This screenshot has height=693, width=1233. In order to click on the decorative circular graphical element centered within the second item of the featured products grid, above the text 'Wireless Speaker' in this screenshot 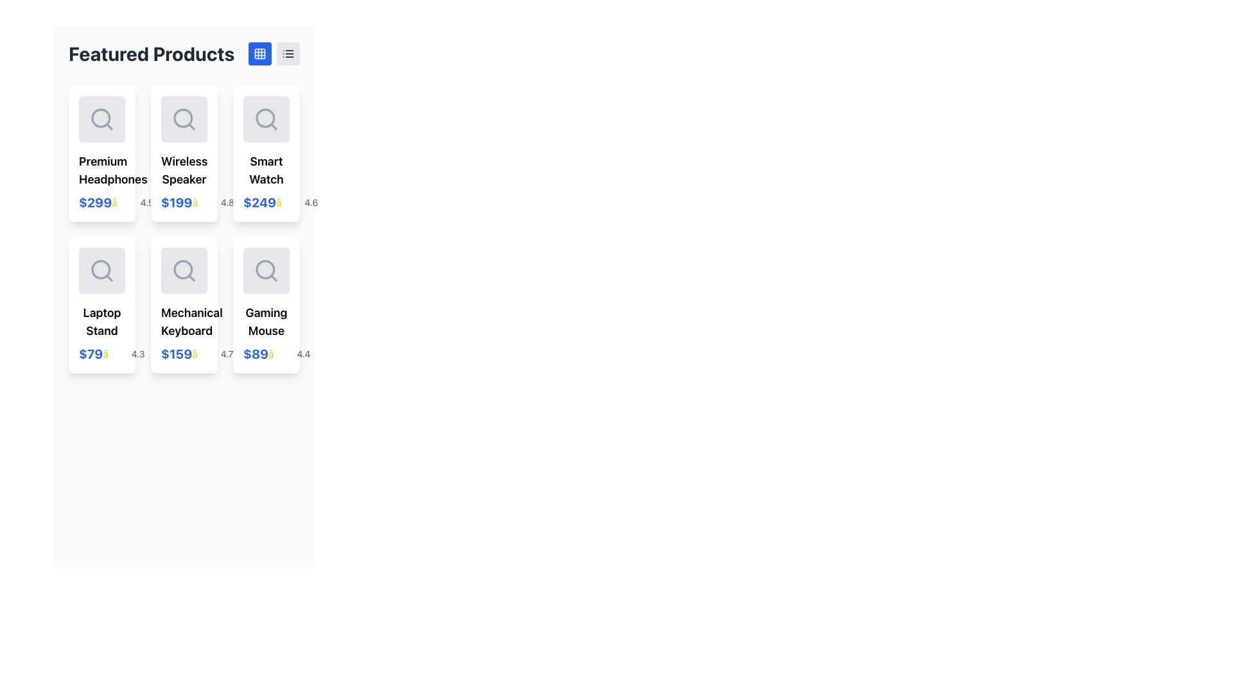, I will do `click(182, 118)`.